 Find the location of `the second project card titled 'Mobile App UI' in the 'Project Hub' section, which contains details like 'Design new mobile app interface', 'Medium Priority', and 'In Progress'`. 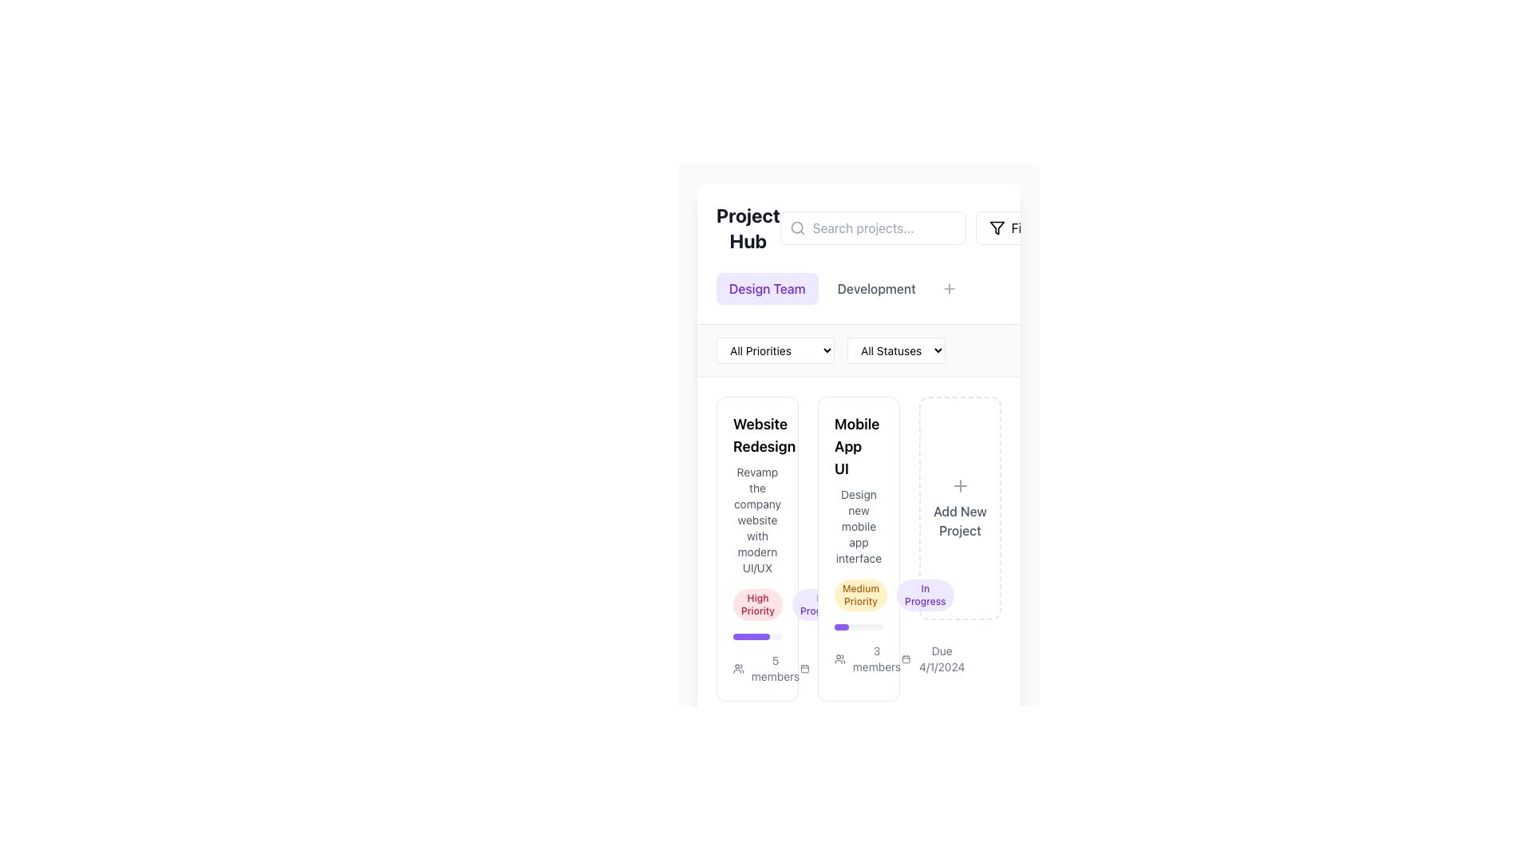

the second project card titled 'Mobile App UI' in the 'Project Hub' section, which contains details like 'Design new mobile app interface', 'Medium Priority', and 'In Progress' is located at coordinates (858, 548).